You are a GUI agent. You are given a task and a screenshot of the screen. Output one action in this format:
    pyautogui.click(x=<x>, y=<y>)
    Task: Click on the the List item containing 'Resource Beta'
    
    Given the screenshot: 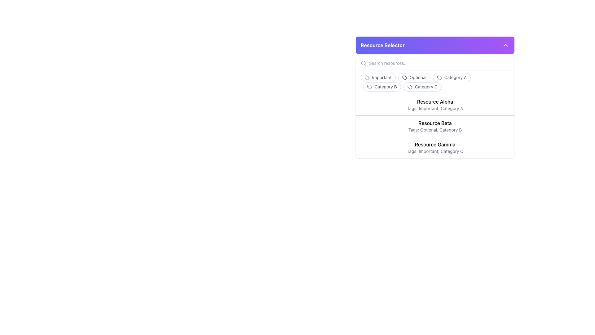 What is the action you would take?
    pyautogui.click(x=434, y=126)
    